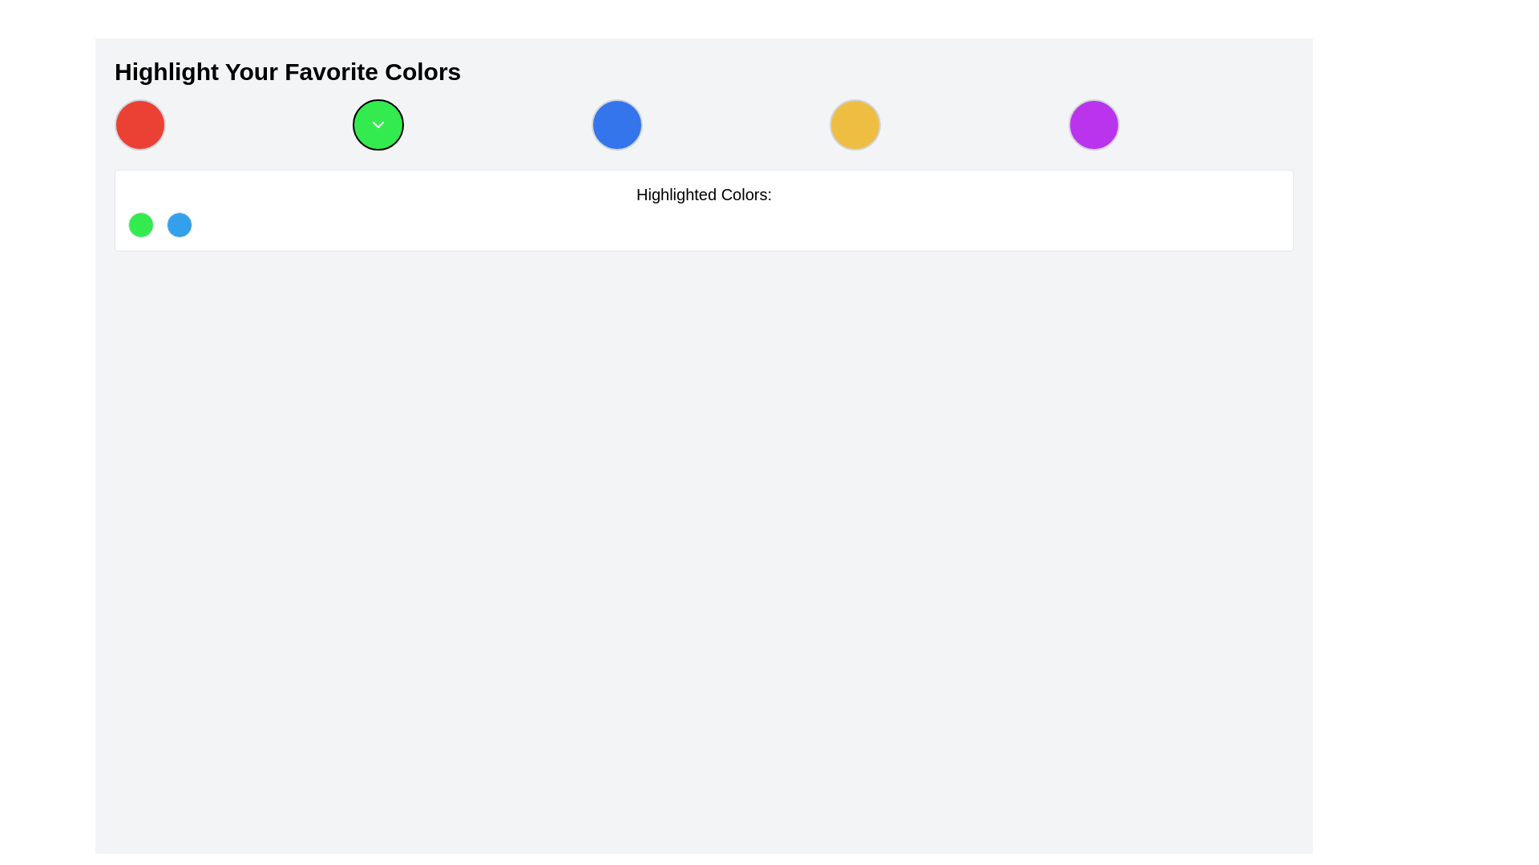  I want to click on the text label that displays 'Highlighted Colors:' in a large, bold font, which is centered on the page and appears on a white background, so click(704, 194).